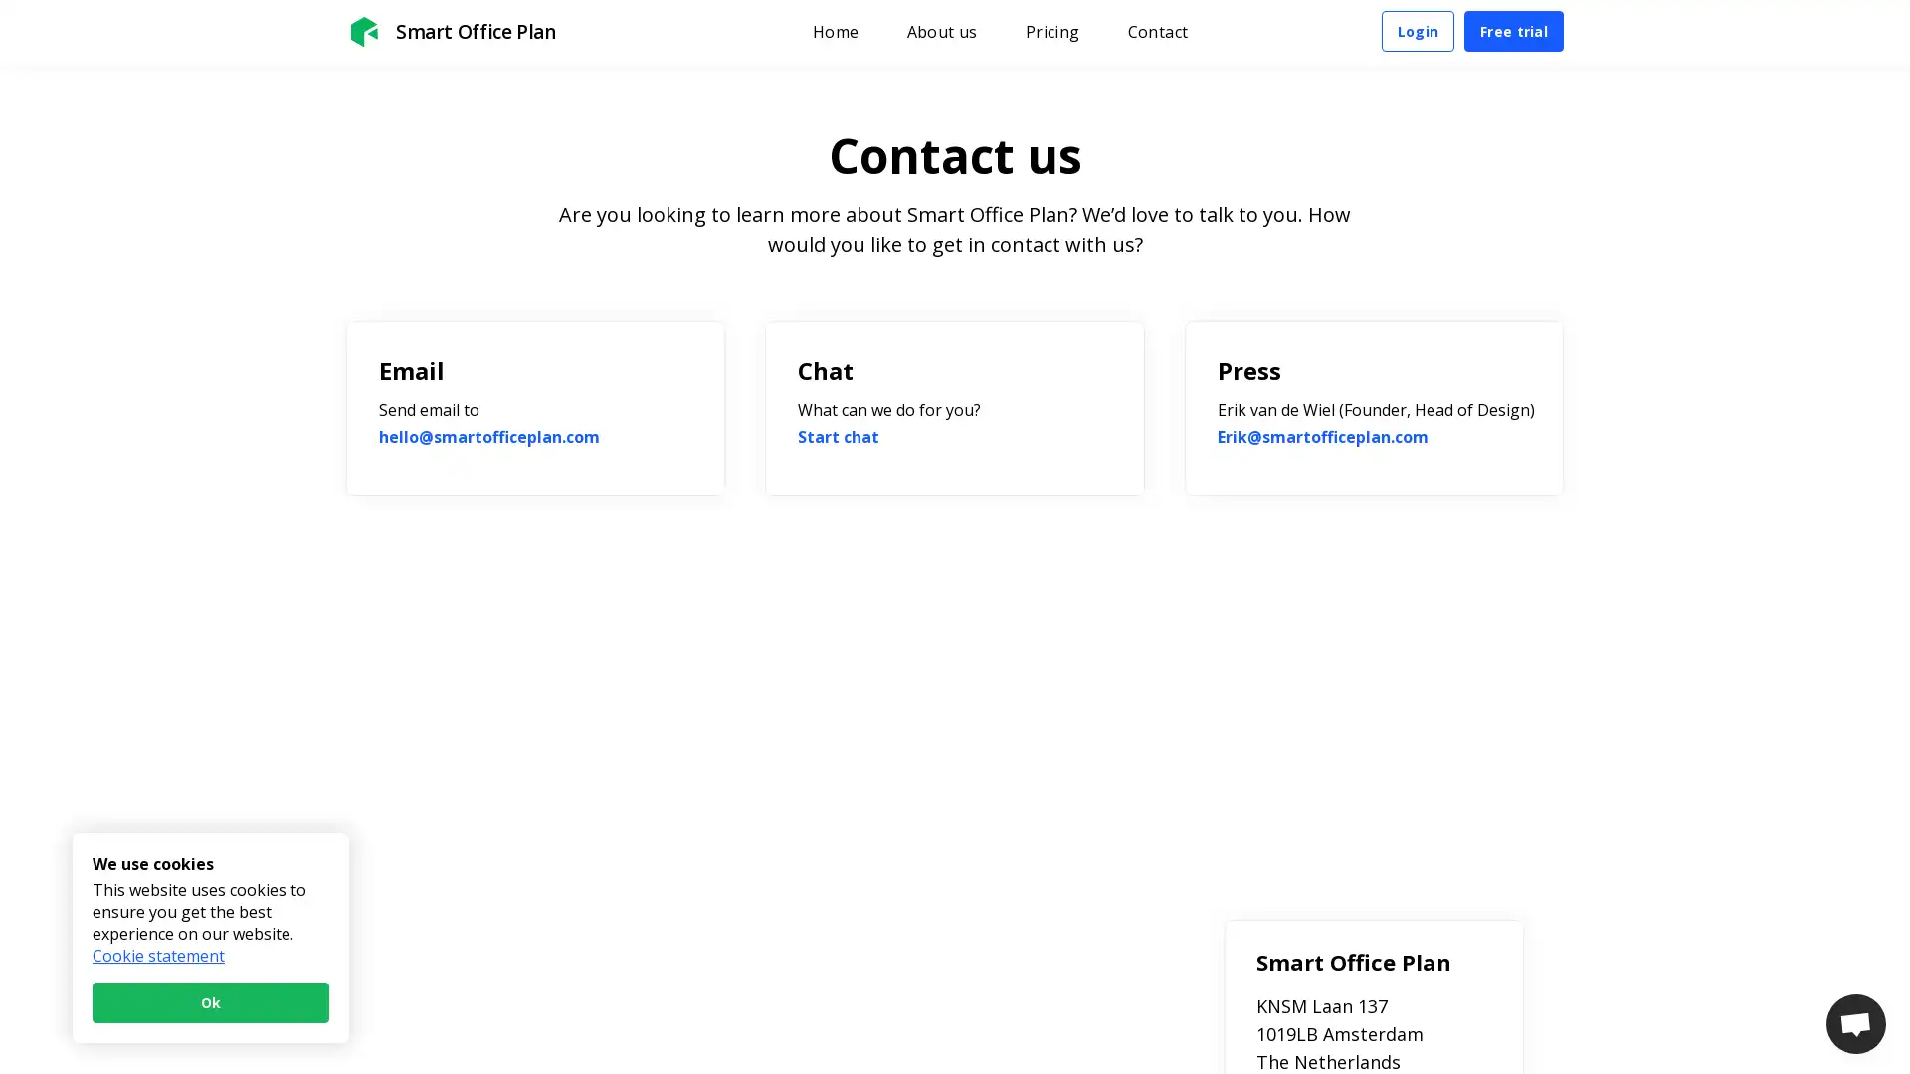 The width and height of the screenshot is (1910, 1074). I want to click on Login, so click(1417, 31).